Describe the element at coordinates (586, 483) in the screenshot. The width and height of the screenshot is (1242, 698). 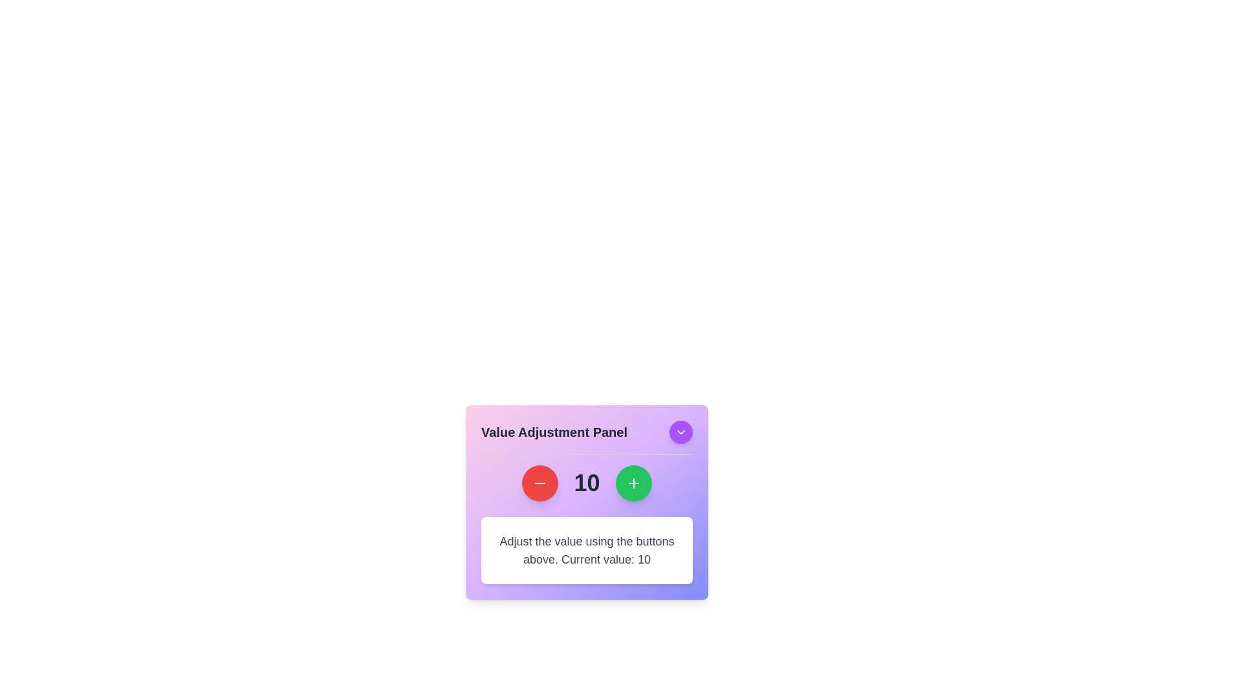
I see `the read-only text display located between the red circular minus button and the green circular plus button within the 'Value Adjustment Panel'` at that location.